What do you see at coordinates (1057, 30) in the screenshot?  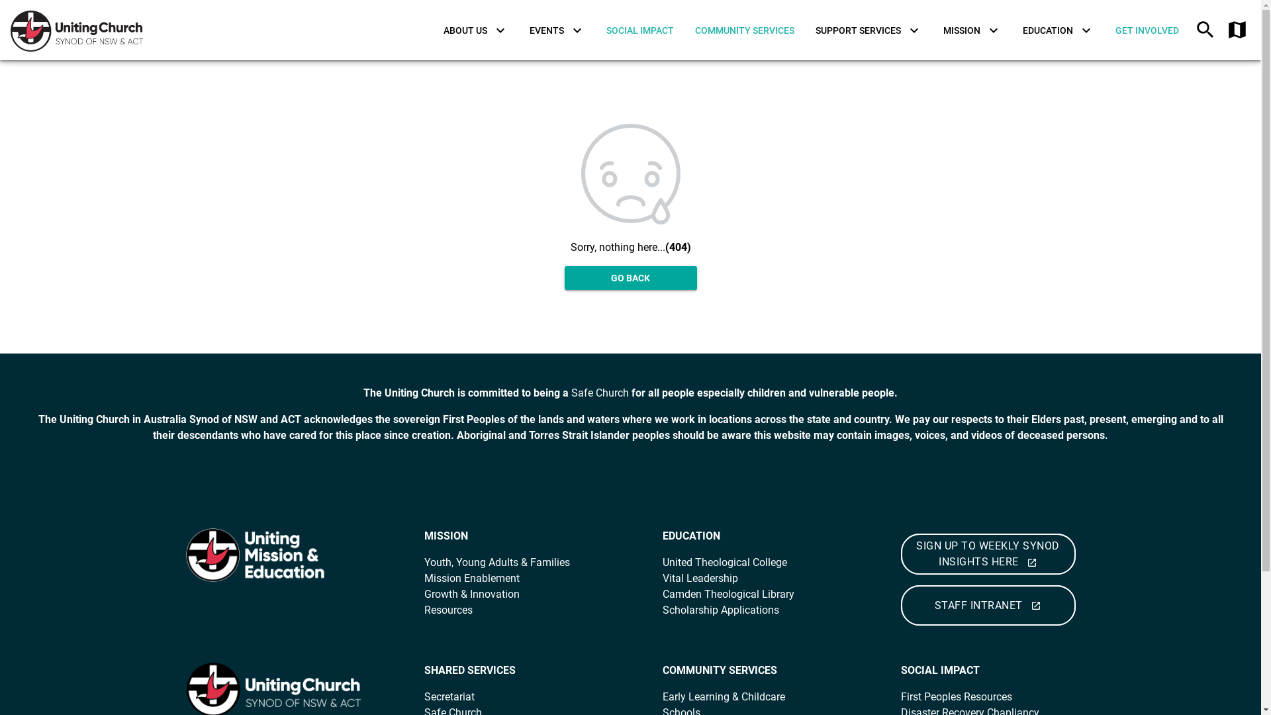 I see `'EDUCATION` at bounding box center [1057, 30].